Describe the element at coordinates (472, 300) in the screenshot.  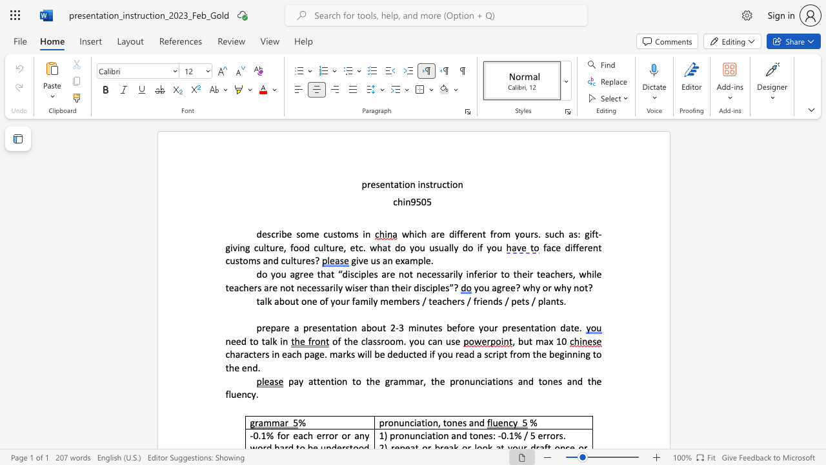
I see `the subset text "friends / pets / p" within the text "talk about one of your family members / teachers / friends / pets / plants."` at that location.